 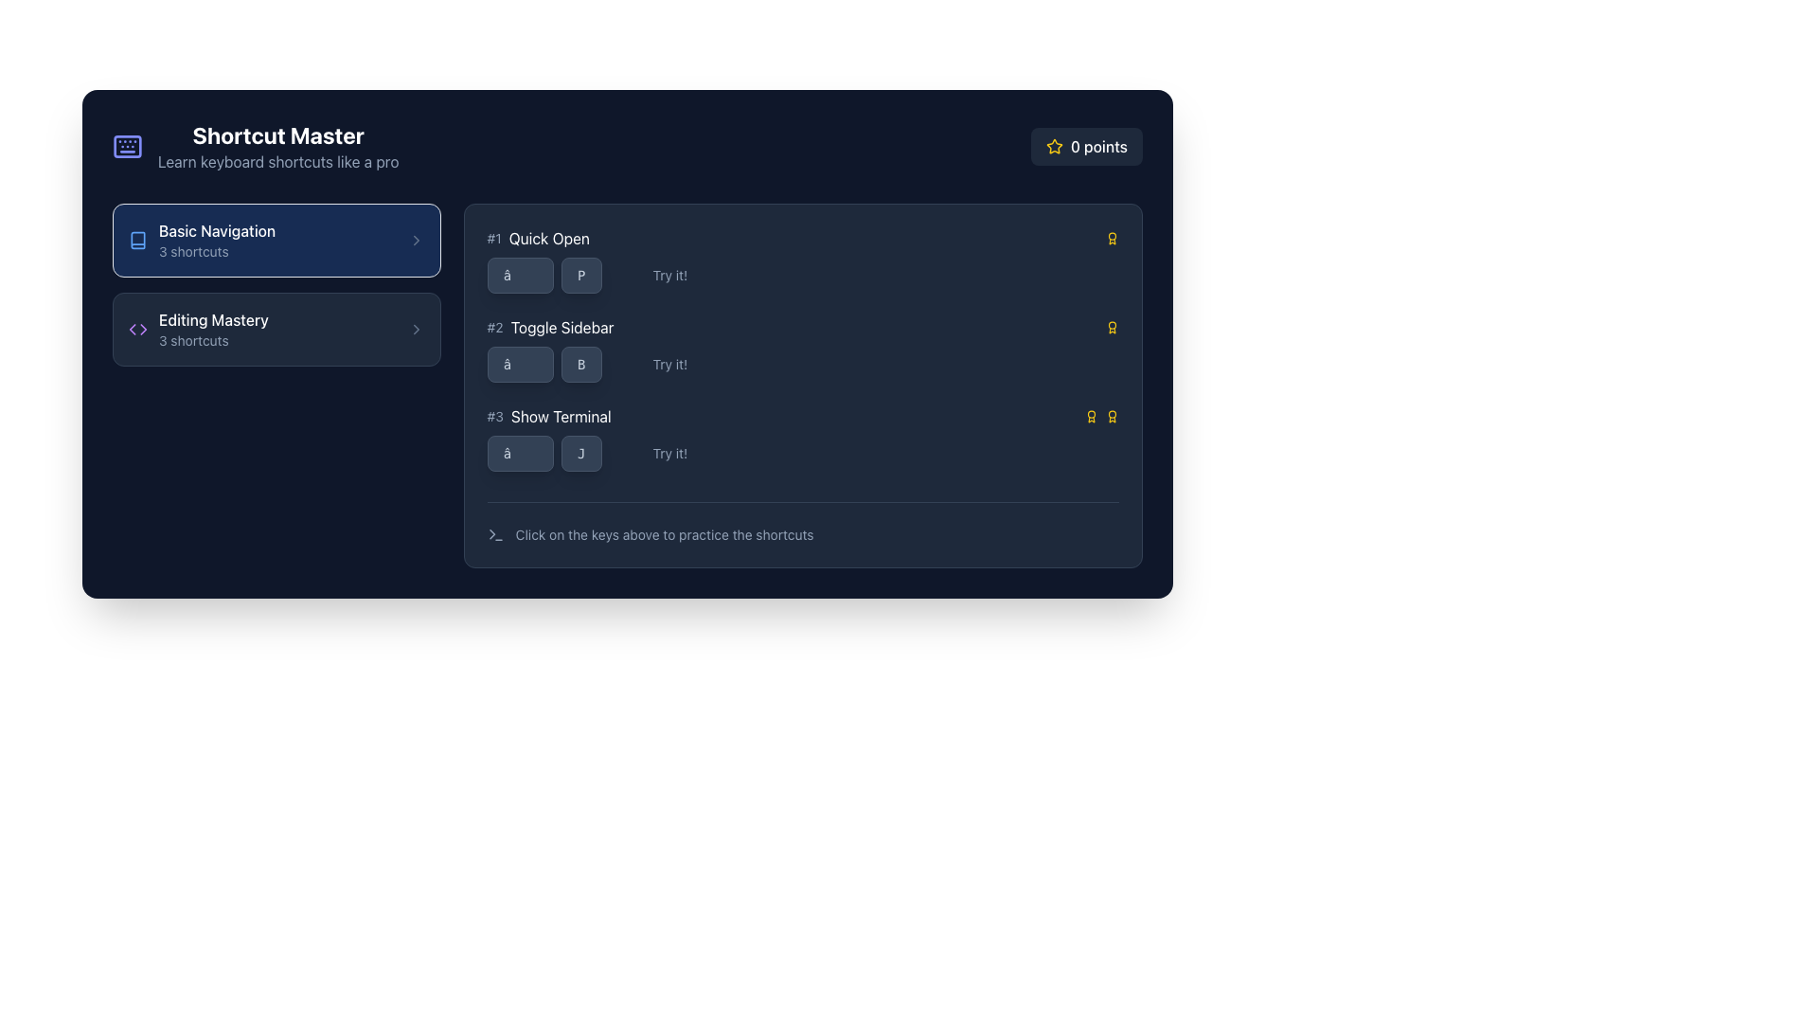 I want to click on the decorative icon located to the left of the 'Shortcut Master' text in the header section, so click(x=126, y=145).